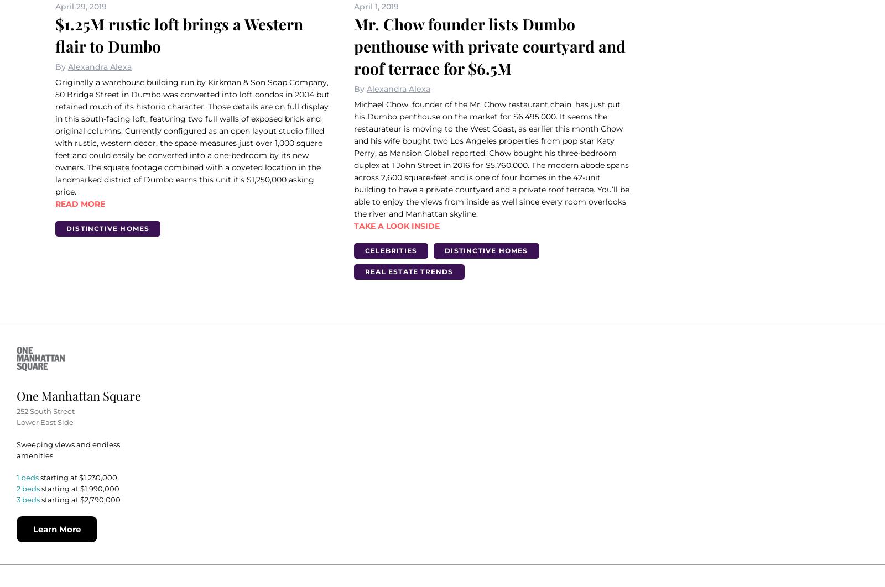  I want to click on '3 beds', so click(28, 499).